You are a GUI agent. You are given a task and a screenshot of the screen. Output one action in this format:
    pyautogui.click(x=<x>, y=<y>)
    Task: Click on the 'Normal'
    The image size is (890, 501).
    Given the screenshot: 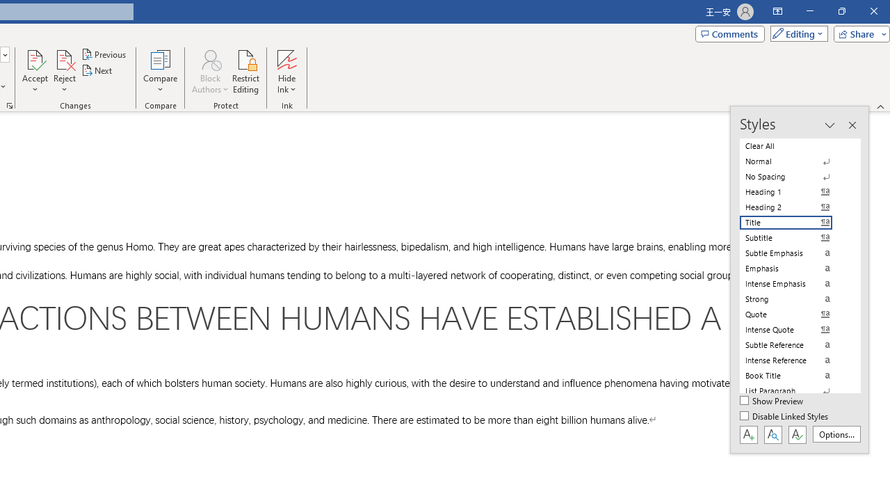 What is the action you would take?
    pyautogui.click(x=794, y=161)
    